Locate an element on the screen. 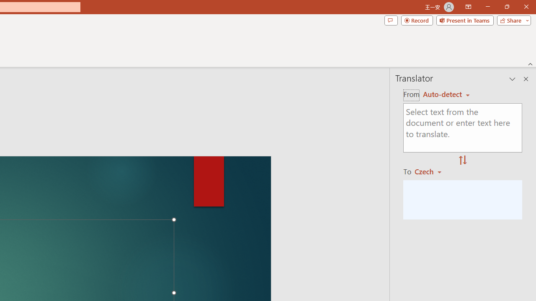 This screenshot has height=301, width=536. 'Comments' is located at coordinates (390, 20).